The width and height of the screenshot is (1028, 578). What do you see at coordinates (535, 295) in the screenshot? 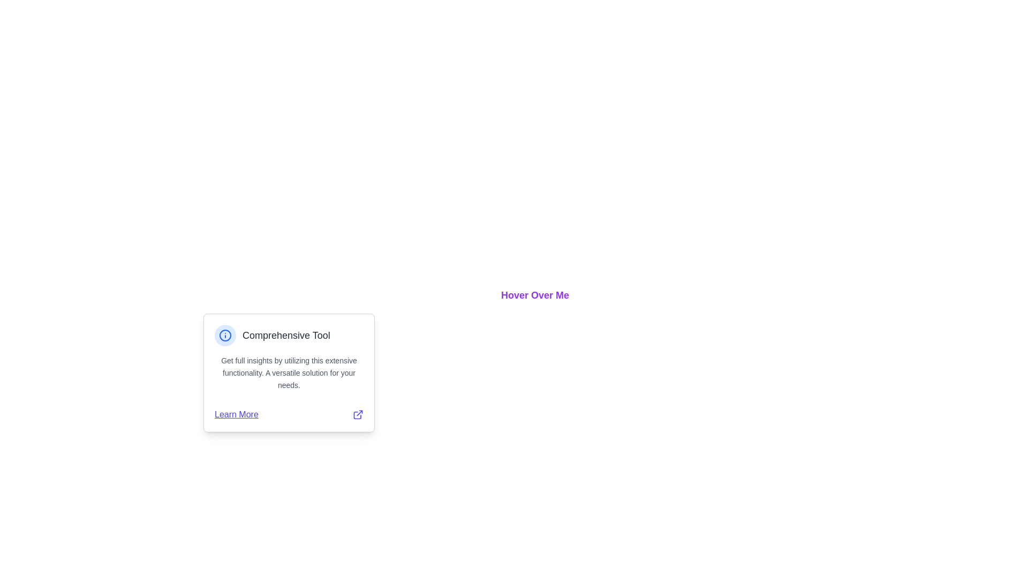
I see `the 'Hover Over Me' text label` at bounding box center [535, 295].